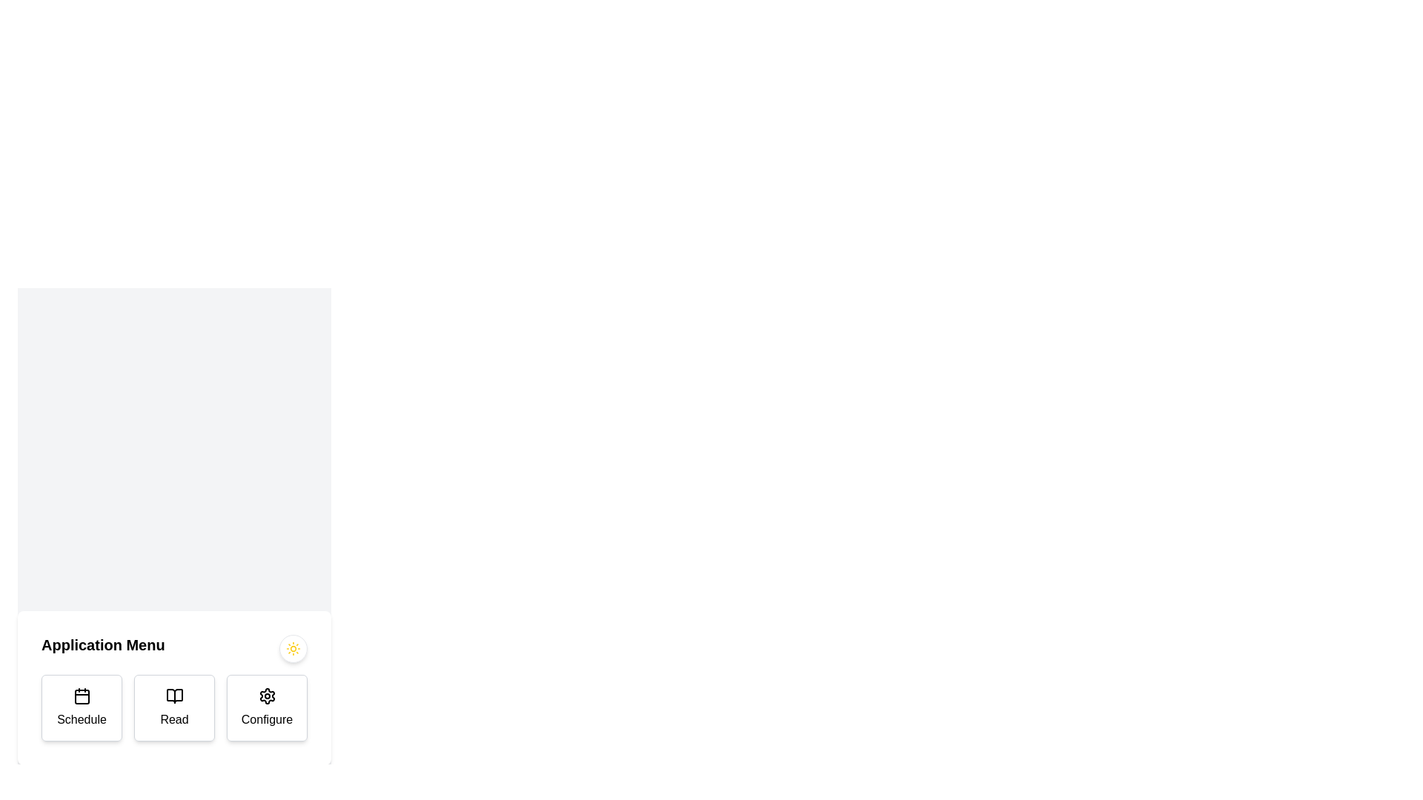 The height and width of the screenshot is (800, 1423). Describe the element at coordinates (267, 707) in the screenshot. I see `the 'Configure' button, which is the third button in the horizontal grid at the bottom of the interface` at that location.